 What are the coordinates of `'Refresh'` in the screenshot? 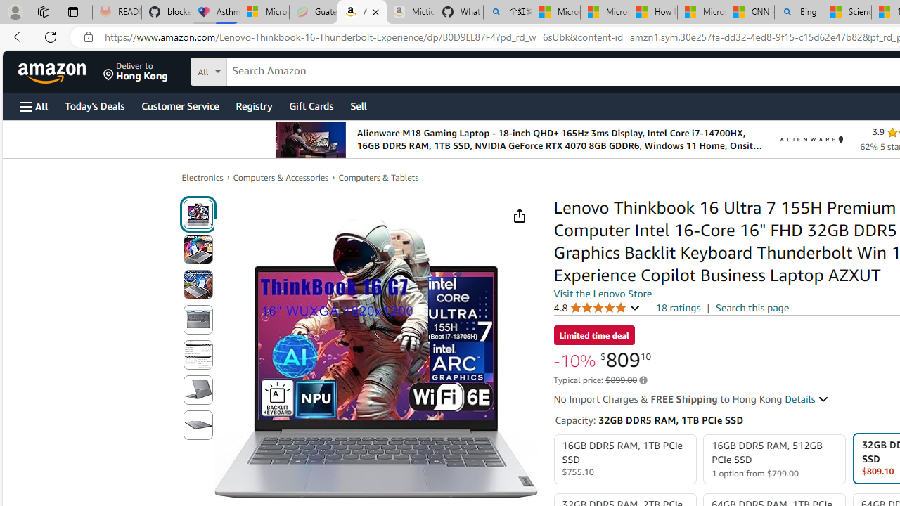 It's located at (51, 36).